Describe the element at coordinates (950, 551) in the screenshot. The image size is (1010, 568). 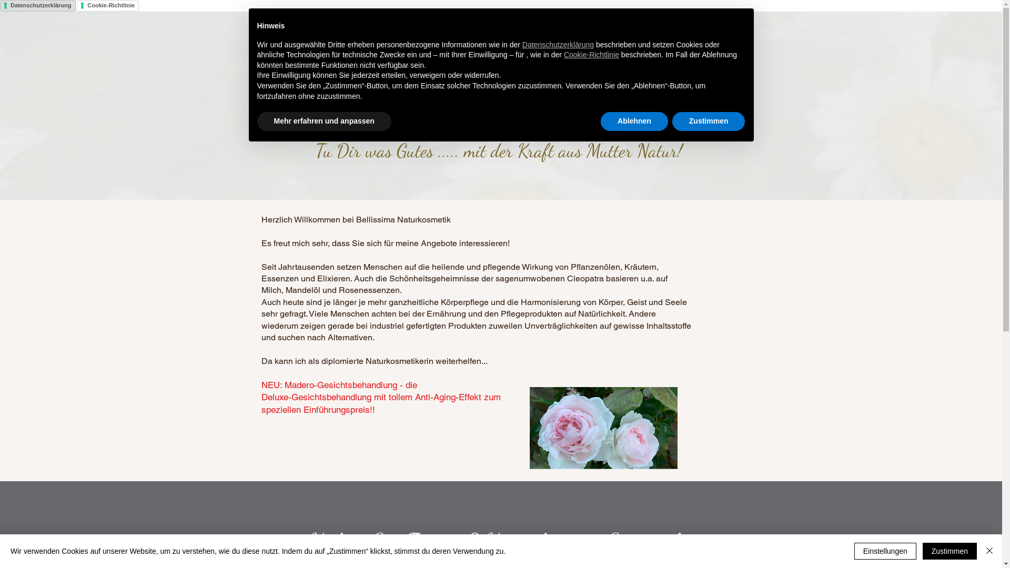
I see `'Zustimmen'` at that location.